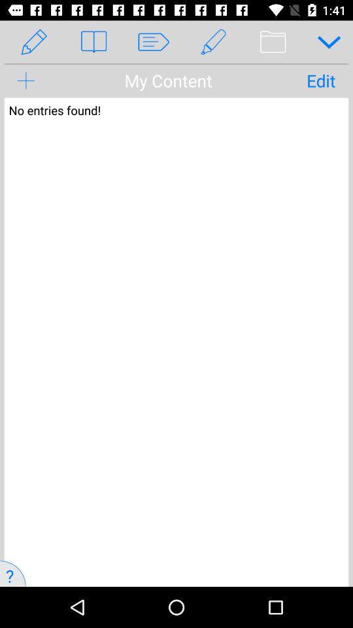  Describe the element at coordinates (176, 33) in the screenshot. I see `the icon in the first line which is right side of the pencil icon` at that location.